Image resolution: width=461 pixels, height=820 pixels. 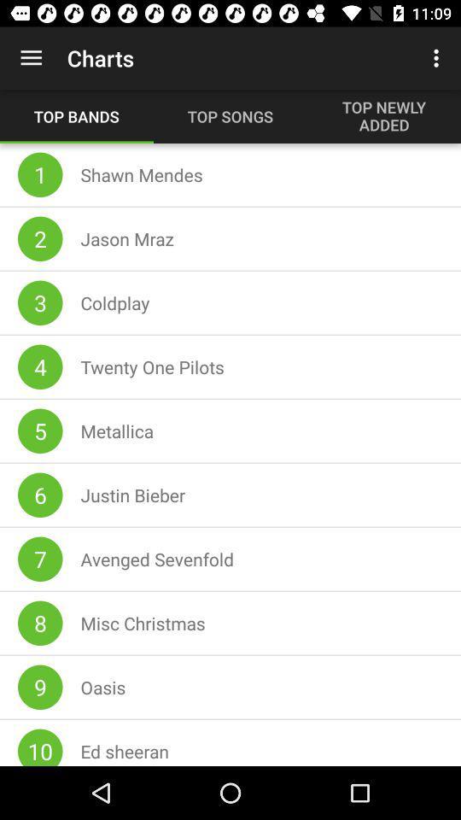 I want to click on item next to charts, so click(x=31, y=58).